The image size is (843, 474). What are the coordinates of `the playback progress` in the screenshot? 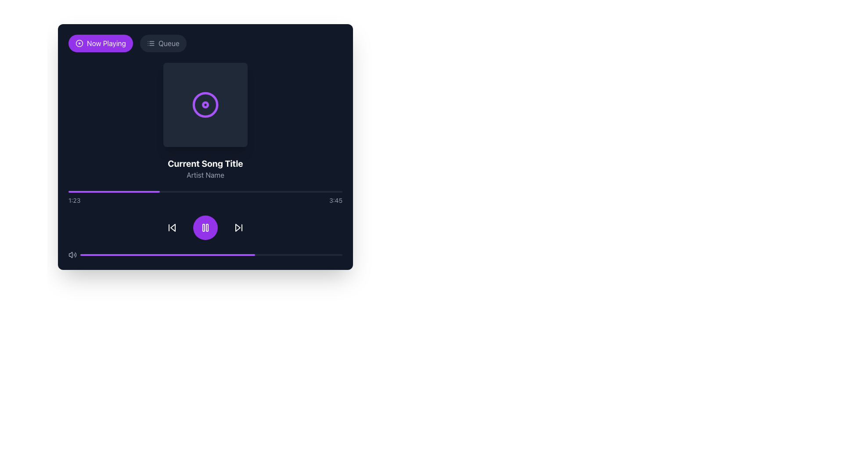 It's located at (254, 191).